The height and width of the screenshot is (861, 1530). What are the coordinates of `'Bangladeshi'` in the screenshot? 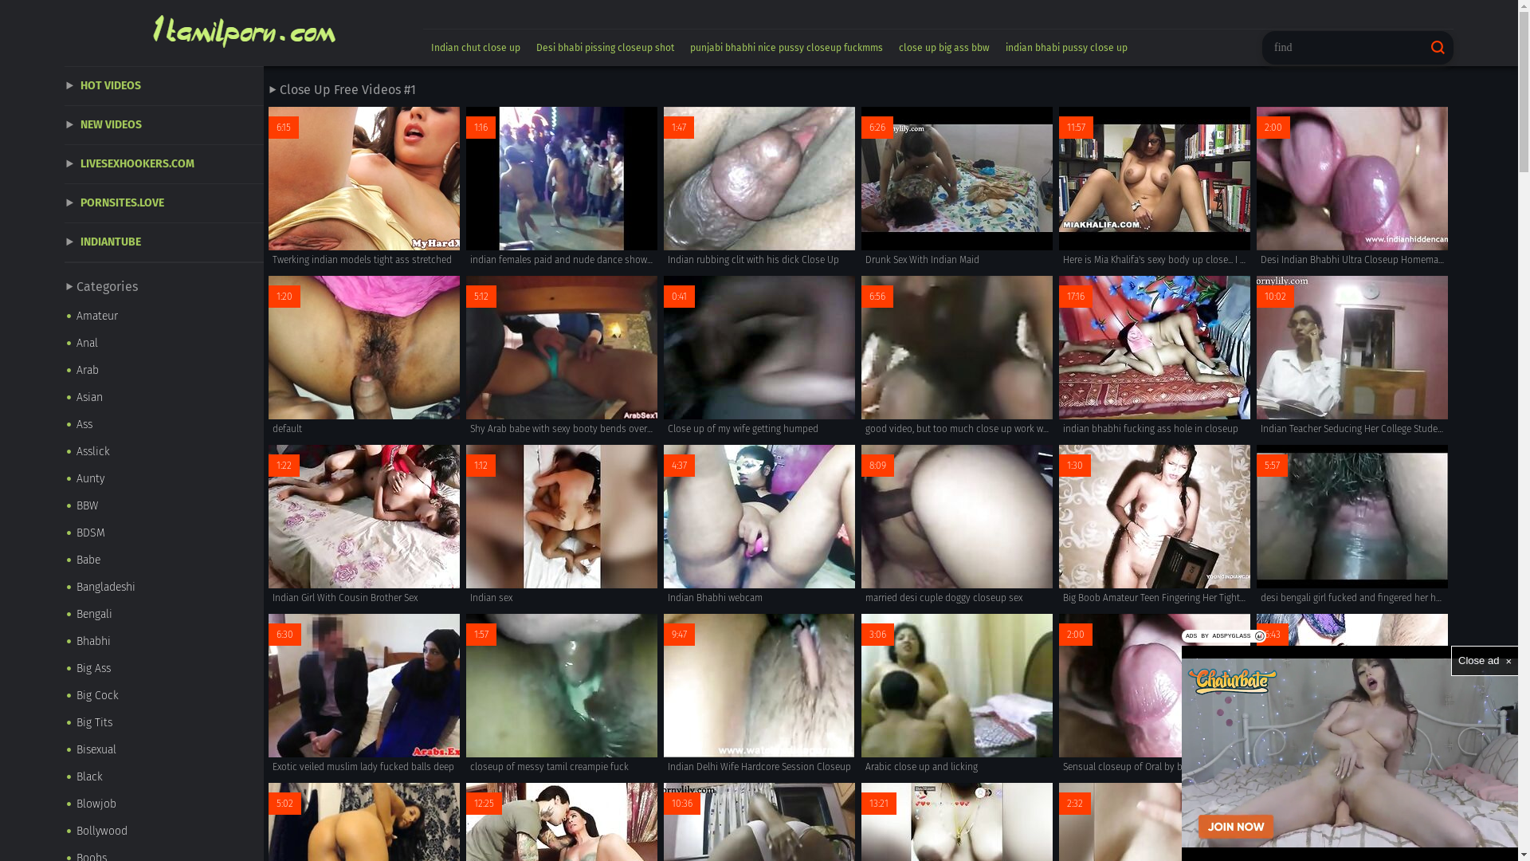 It's located at (164, 587).